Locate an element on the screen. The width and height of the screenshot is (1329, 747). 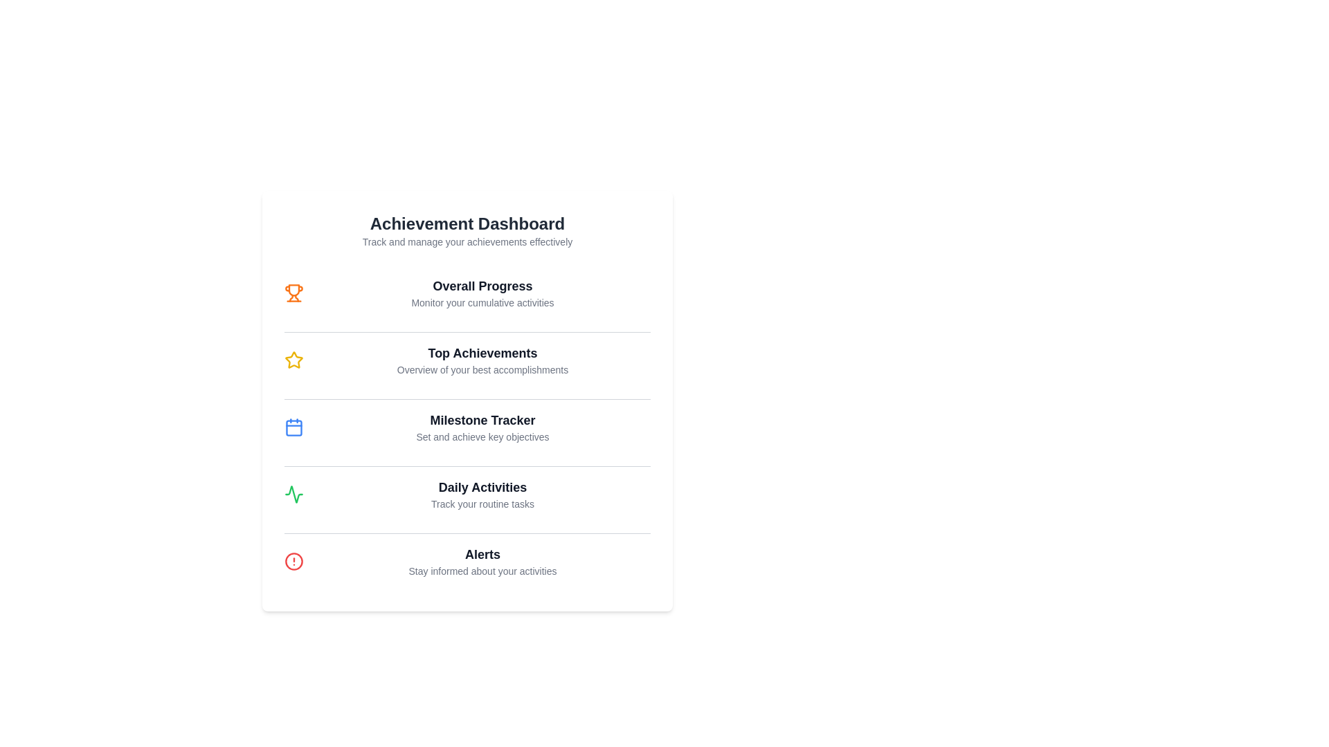
the bold text label that reads 'Alerts', which is styled prominently in dark gray above a smaller description text is located at coordinates (482, 554).